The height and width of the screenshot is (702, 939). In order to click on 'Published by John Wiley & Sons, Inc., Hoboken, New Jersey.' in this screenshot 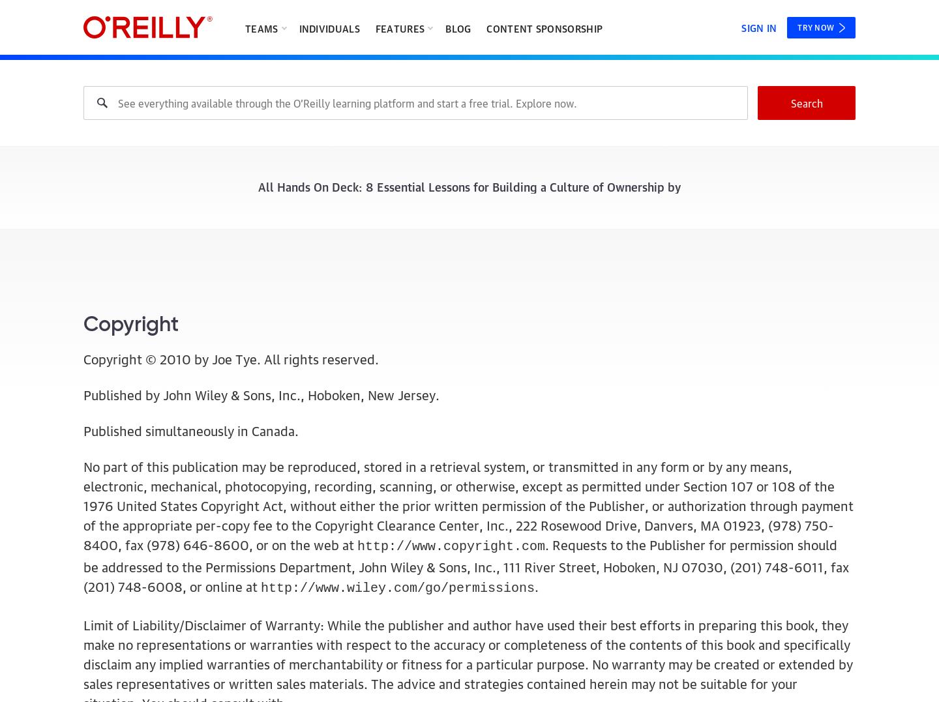, I will do `click(261, 393)`.